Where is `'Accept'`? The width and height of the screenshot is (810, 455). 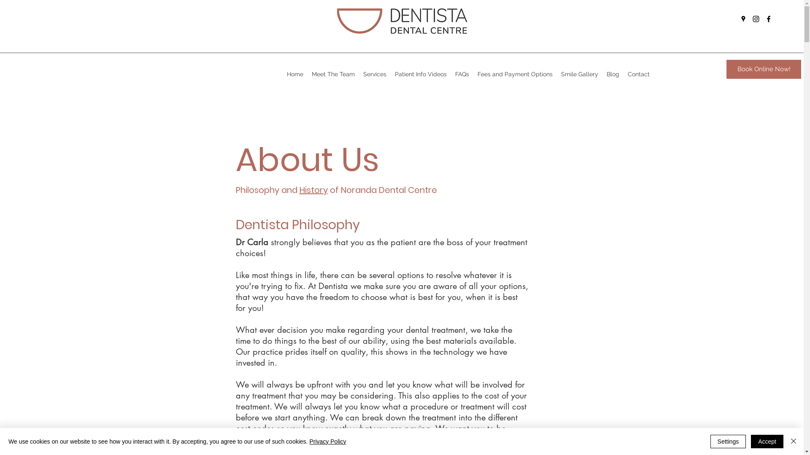
'Accept' is located at coordinates (767, 441).